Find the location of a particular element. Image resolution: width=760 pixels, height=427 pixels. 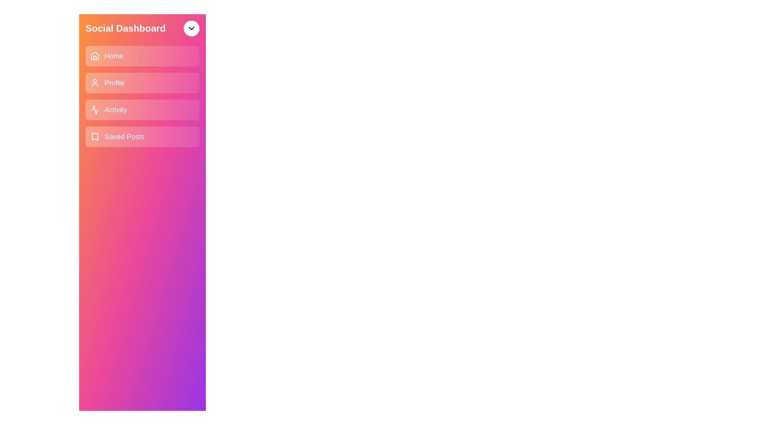

the menu item Saved Posts from the list is located at coordinates (142, 136).